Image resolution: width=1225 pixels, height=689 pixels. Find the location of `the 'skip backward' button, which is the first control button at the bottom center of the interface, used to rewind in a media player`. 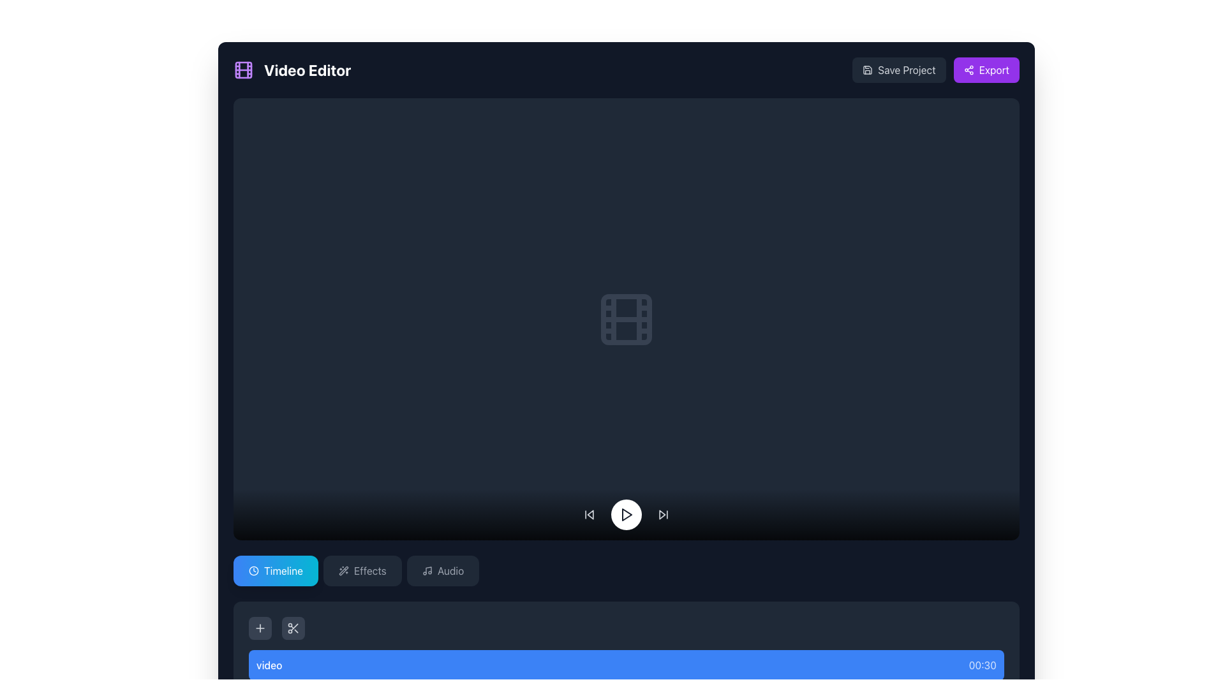

the 'skip backward' button, which is the first control button at the bottom center of the interface, used to rewind in a media player is located at coordinates (589, 514).